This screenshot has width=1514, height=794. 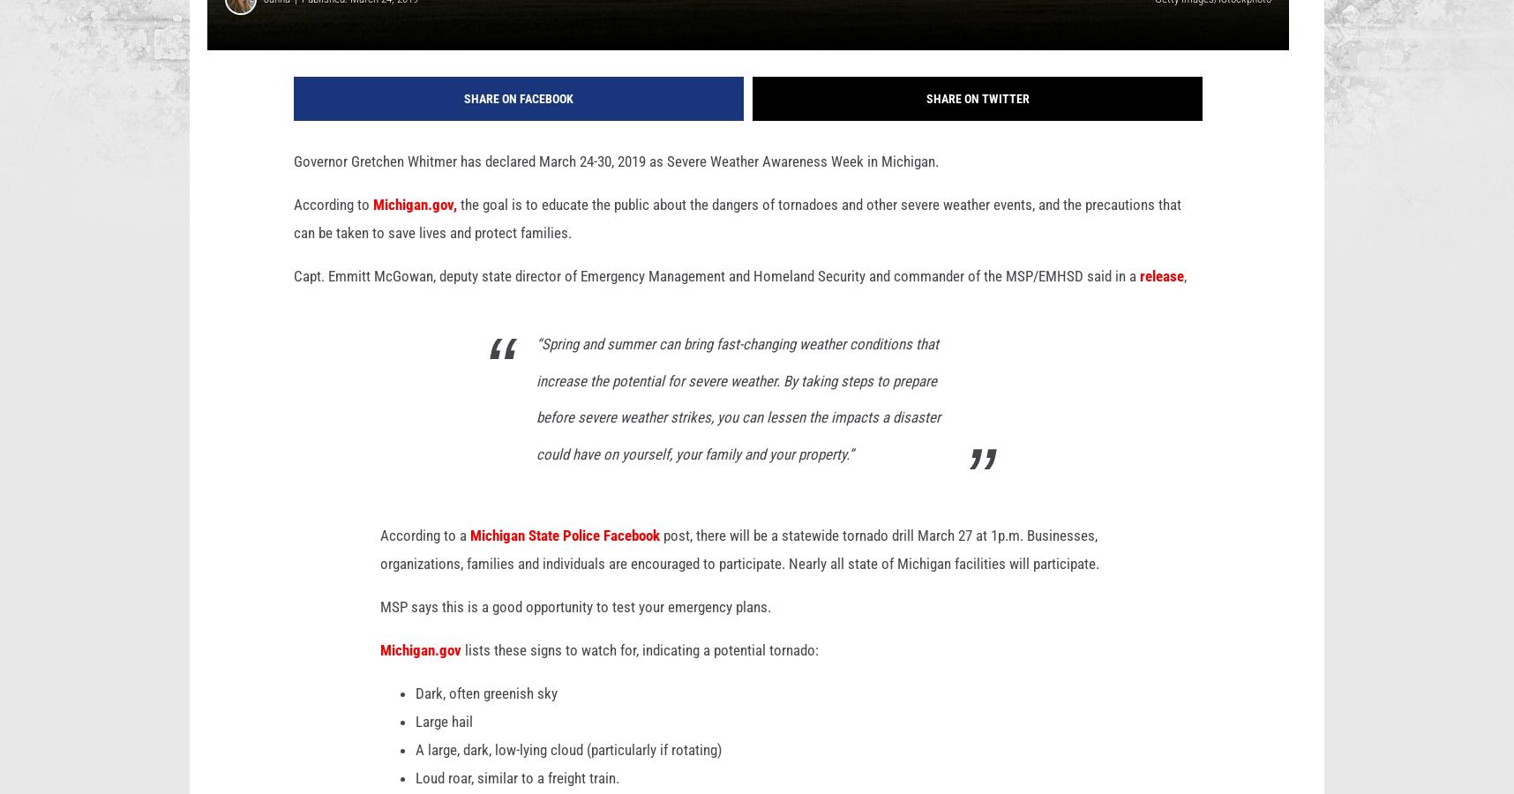 What do you see at coordinates (1184, 303) in the screenshot?
I see `','` at bounding box center [1184, 303].